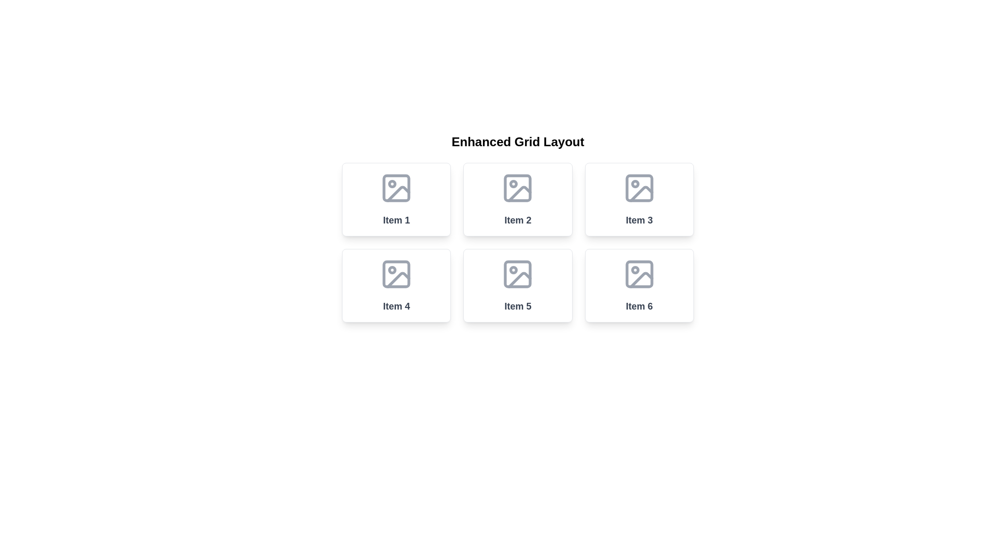 The height and width of the screenshot is (560, 995). I want to click on the 'Item 5' button-like interactive card from its current position in the grid, so click(518, 286).